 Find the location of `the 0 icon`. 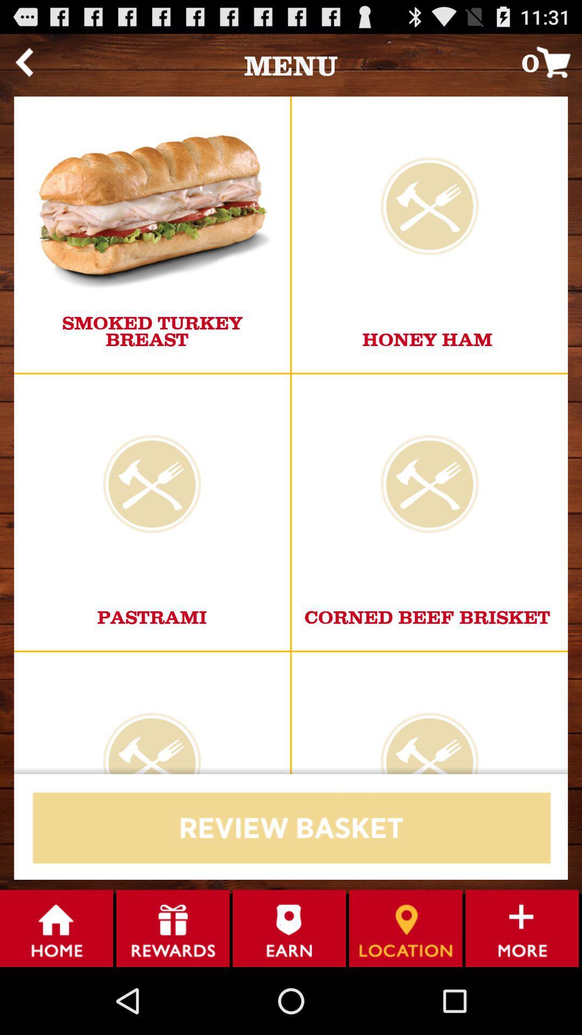

the 0 icon is located at coordinates (551, 61).